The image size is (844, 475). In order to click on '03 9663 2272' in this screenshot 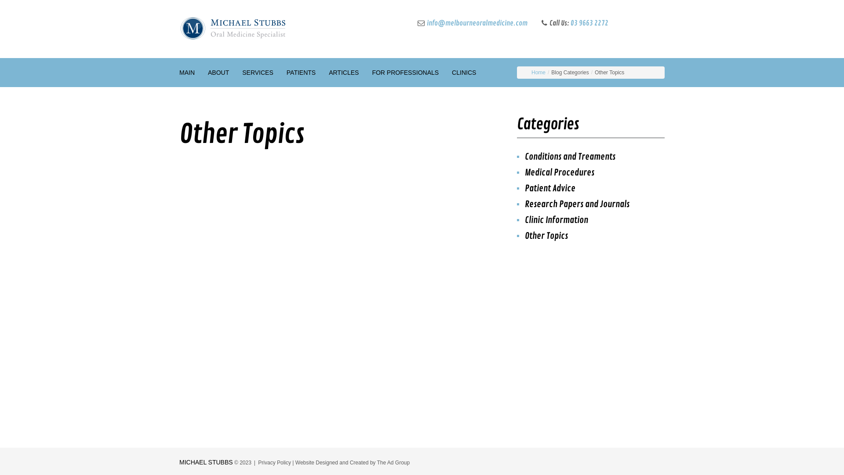, I will do `click(589, 23)`.